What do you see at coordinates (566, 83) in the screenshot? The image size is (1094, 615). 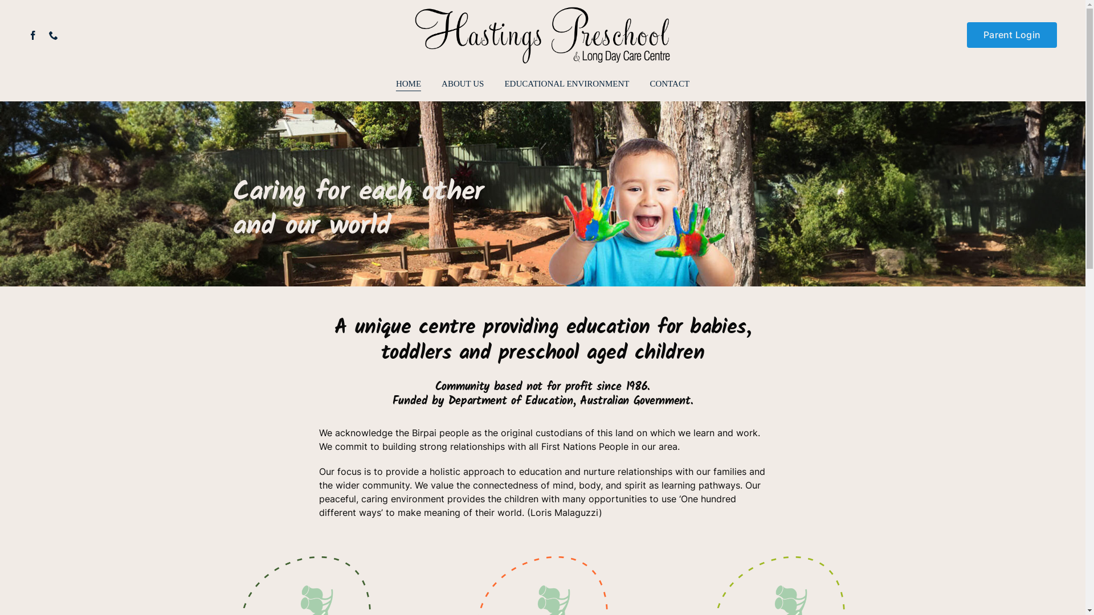 I see `'EDUCATIONAL ENVIRONMENT'` at bounding box center [566, 83].